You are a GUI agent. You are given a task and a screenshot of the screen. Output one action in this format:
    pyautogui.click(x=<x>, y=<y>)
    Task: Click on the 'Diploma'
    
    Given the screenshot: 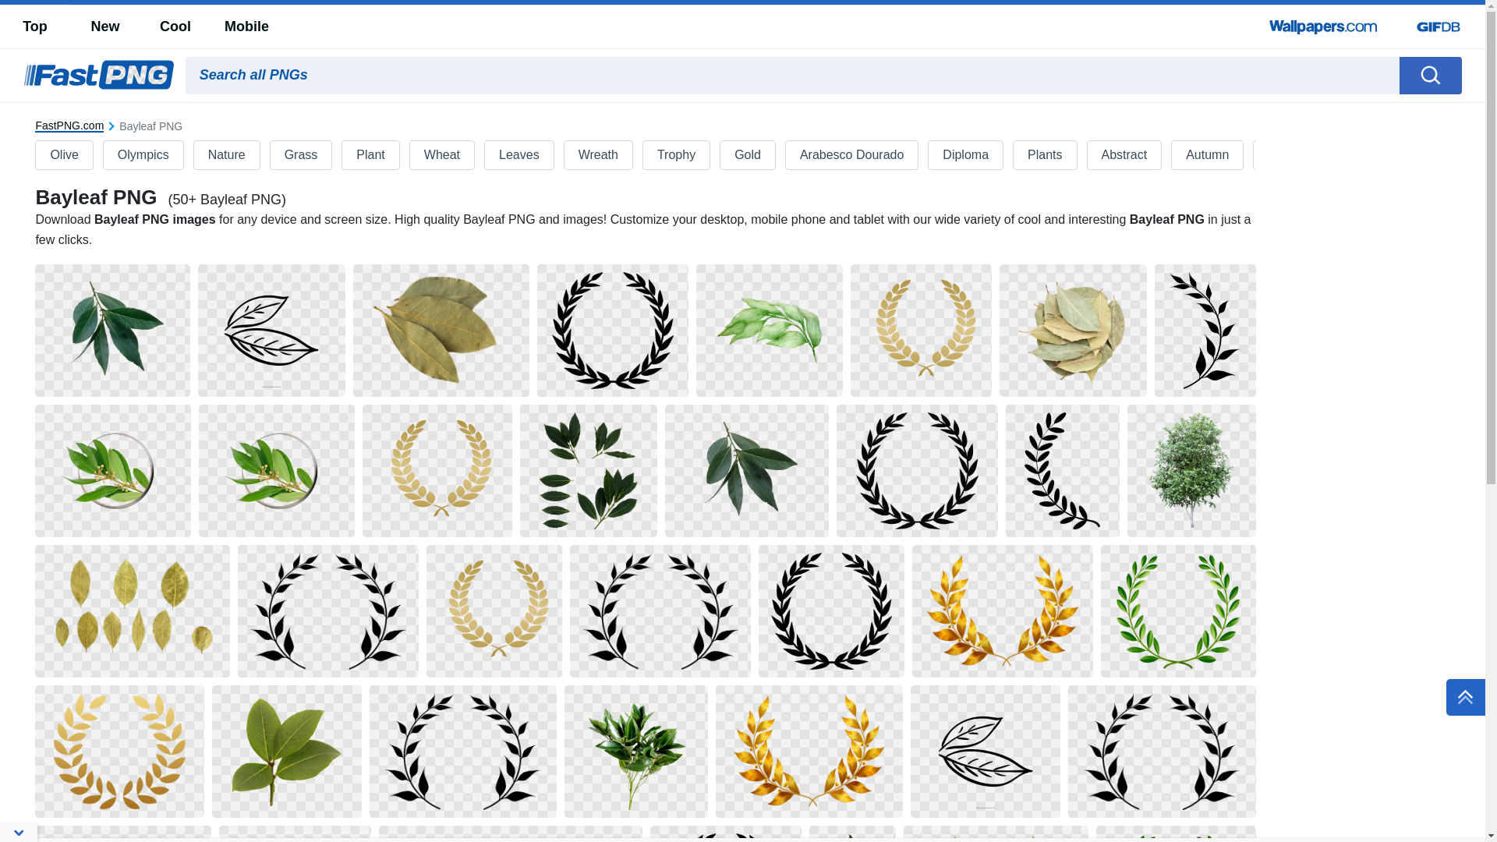 What is the action you would take?
    pyautogui.click(x=964, y=155)
    